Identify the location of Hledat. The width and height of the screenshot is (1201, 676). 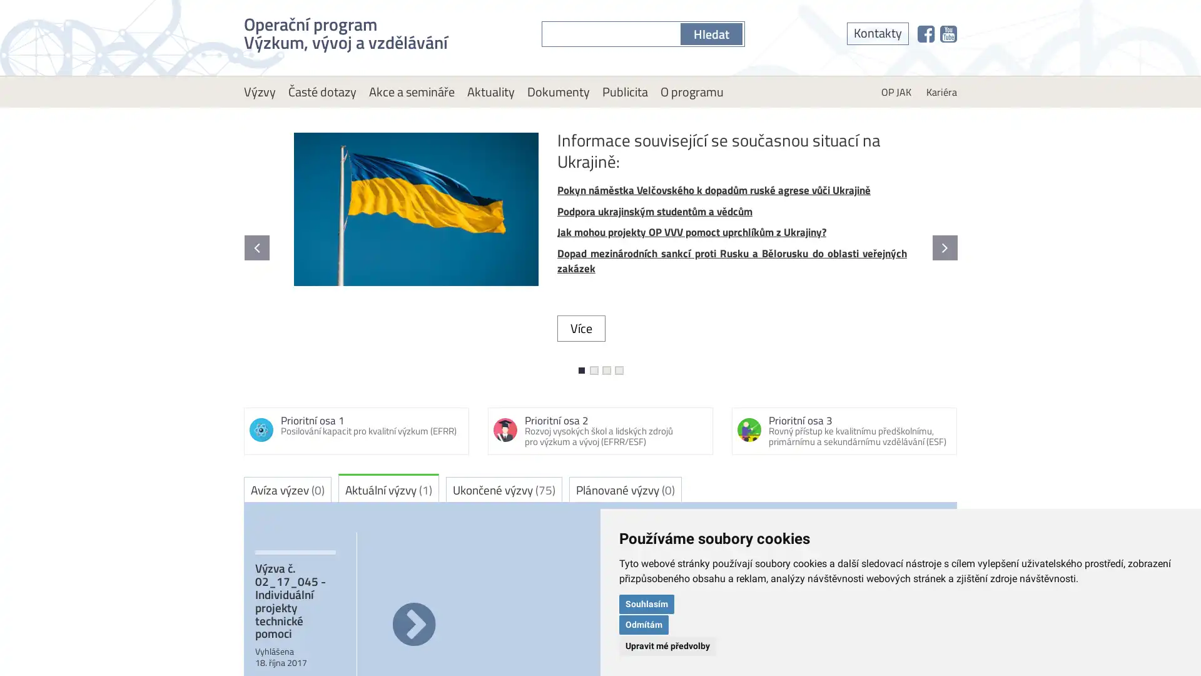
(711, 33).